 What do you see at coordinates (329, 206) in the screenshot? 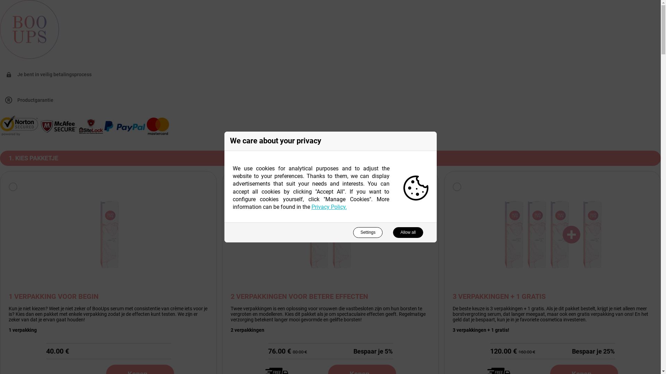
I see `'Privacy Policy.'` at bounding box center [329, 206].